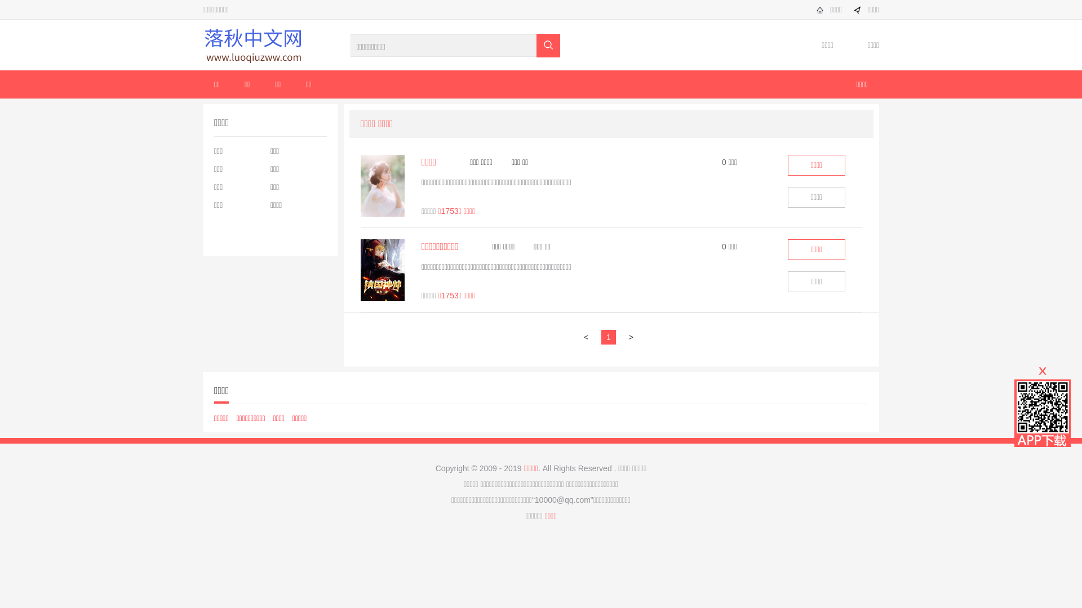 This screenshot has height=608, width=1082. What do you see at coordinates (633, 336) in the screenshot?
I see `'>'` at bounding box center [633, 336].